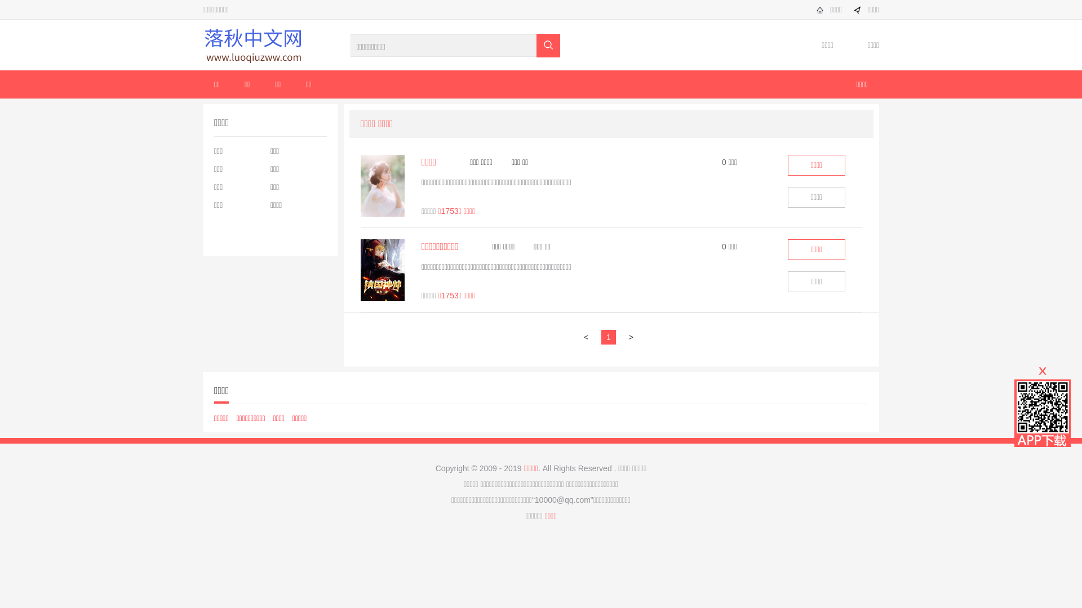 This screenshot has height=608, width=1082. What do you see at coordinates (633, 336) in the screenshot?
I see `'>'` at bounding box center [633, 336].